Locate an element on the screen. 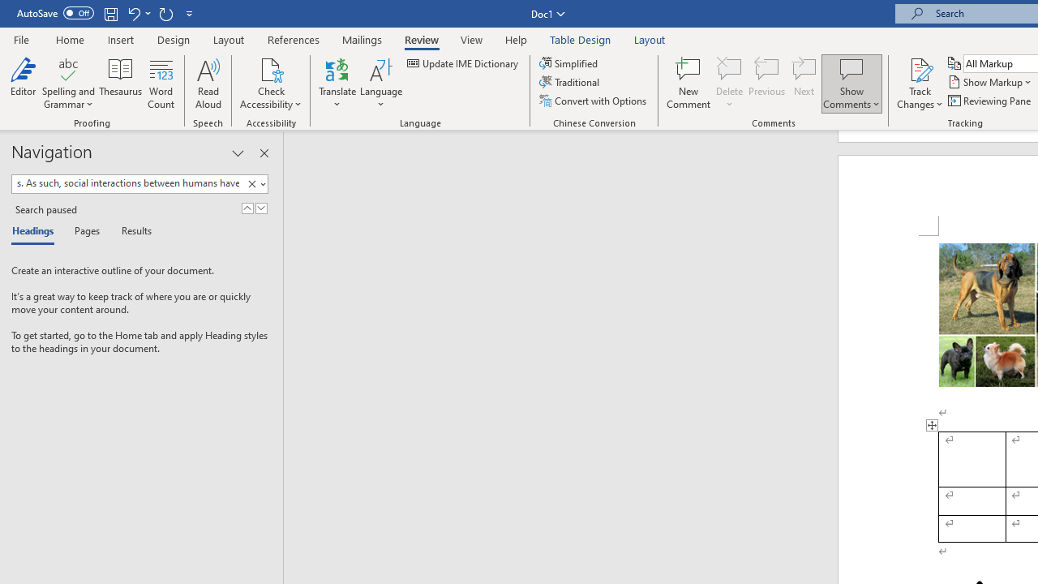 The width and height of the screenshot is (1038, 584). 'AutoSave' is located at coordinates (55, 13).